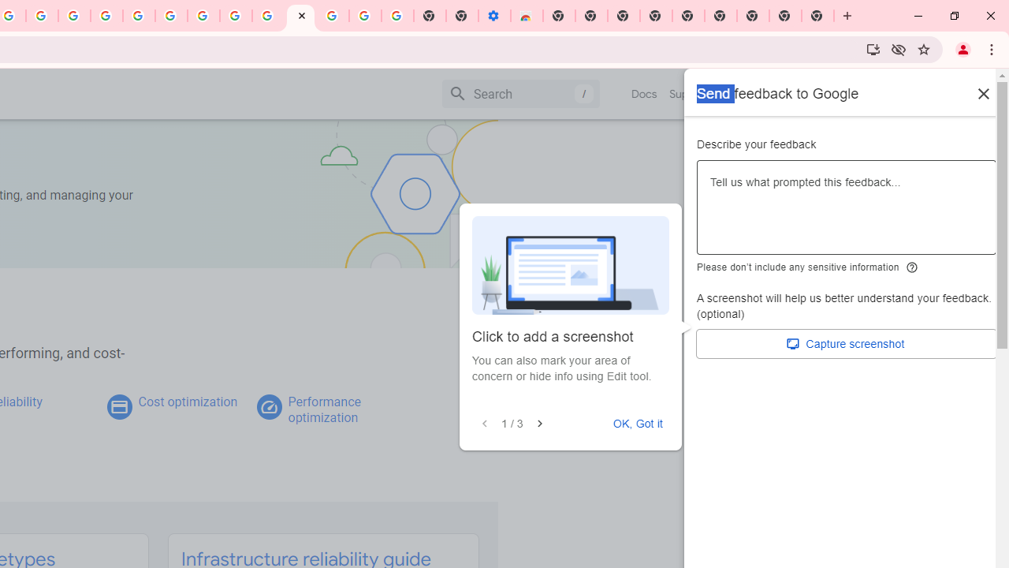 This screenshot has height=568, width=1009. What do you see at coordinates (644, 94) in the screenshot?
I see `'Docs'` at bounding box center [644, 94].